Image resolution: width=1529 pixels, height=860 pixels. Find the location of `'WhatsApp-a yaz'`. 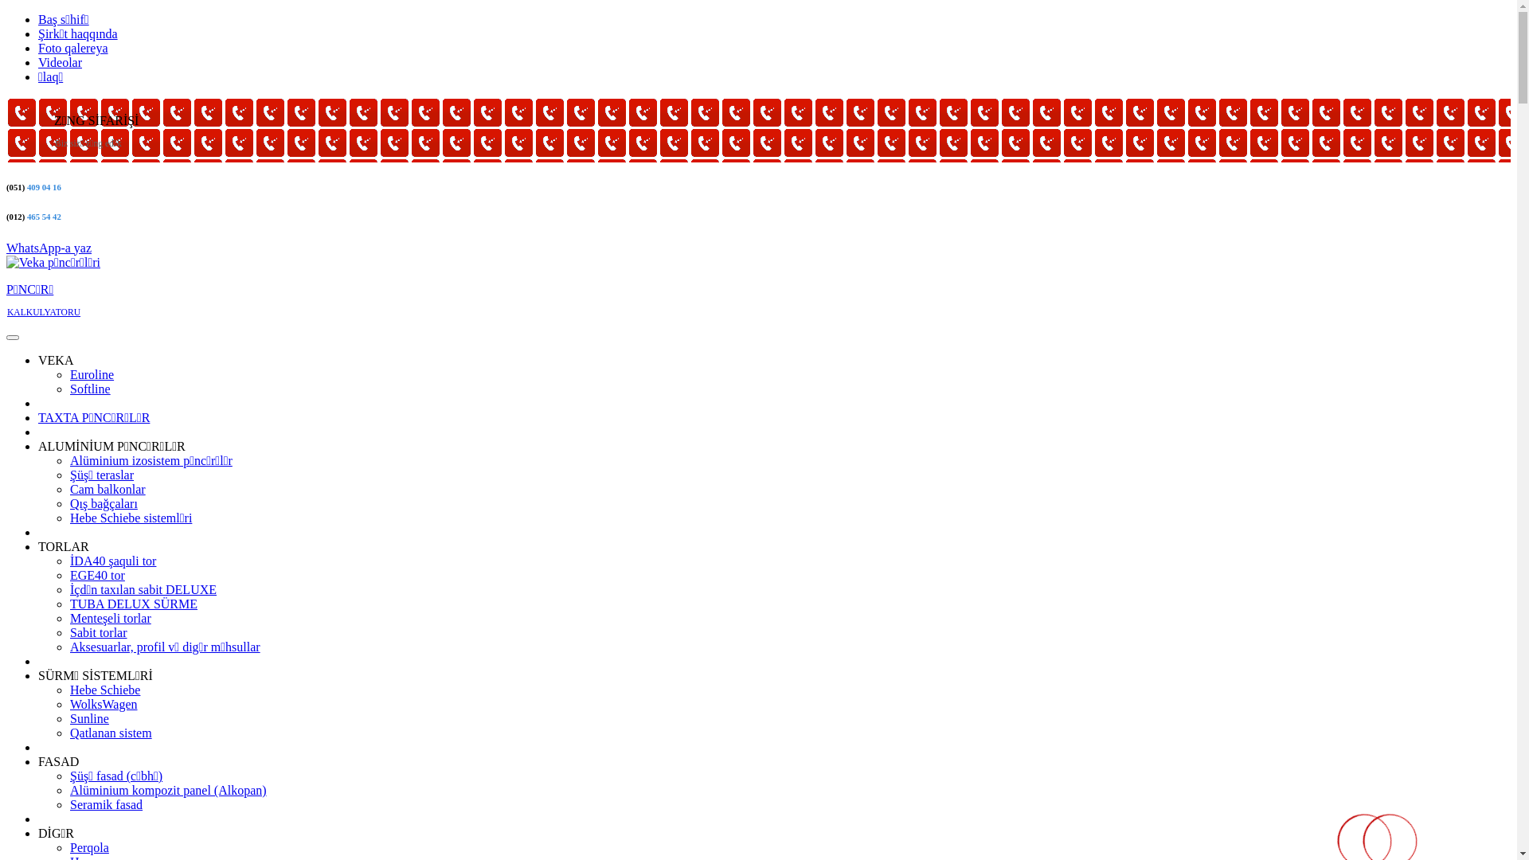

'WhatsApp-a yaz' is located at coordinates (49, 247).